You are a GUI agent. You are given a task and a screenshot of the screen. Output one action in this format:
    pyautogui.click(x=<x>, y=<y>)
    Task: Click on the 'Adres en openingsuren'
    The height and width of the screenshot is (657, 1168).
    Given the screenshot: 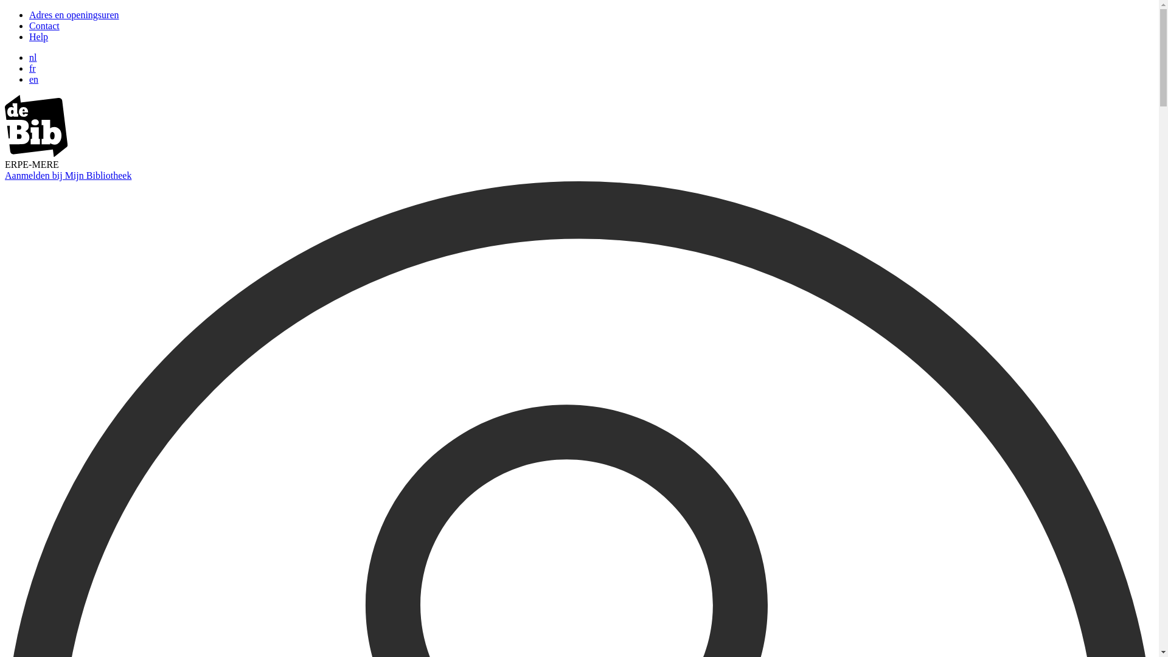 What is the action you would take?
    pyautogui.click(x=73, y=15)
    